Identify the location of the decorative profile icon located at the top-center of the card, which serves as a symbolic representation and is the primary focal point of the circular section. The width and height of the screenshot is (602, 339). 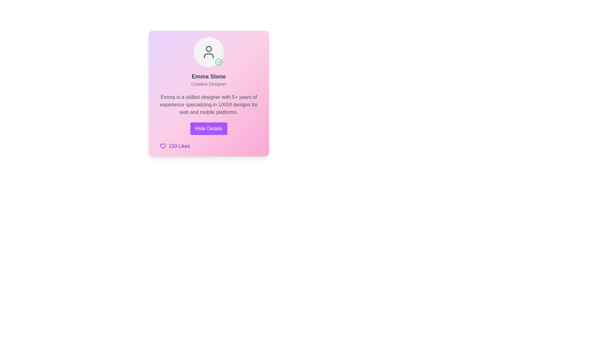
(209, 51).